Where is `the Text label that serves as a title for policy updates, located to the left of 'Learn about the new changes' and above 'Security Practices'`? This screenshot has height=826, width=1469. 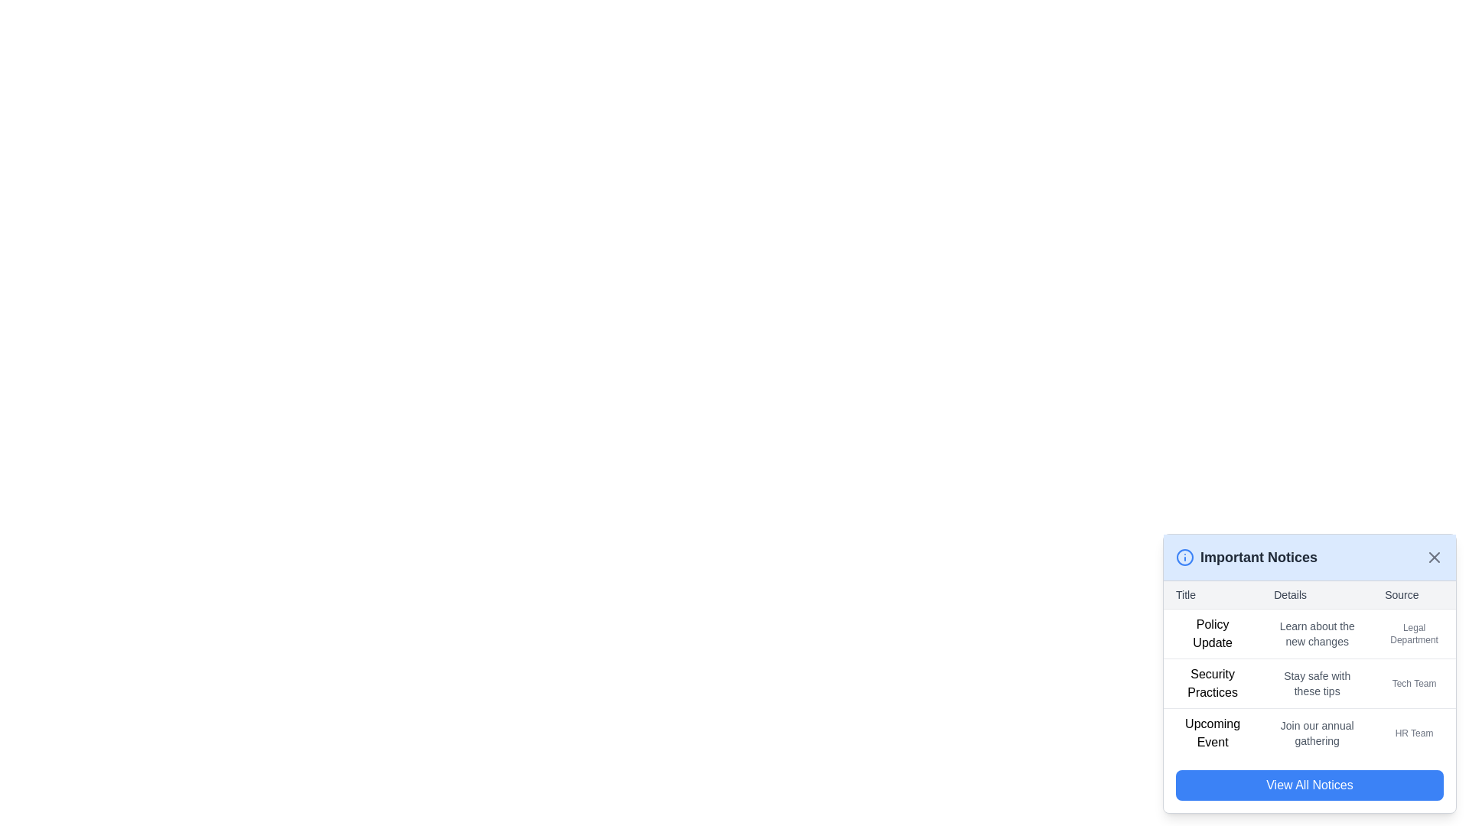
the Text label that serves as a title for policy updates, located to the left of 'Learn about the new changes' and above 'Security Practices' is located at coordinates (1212, 634).